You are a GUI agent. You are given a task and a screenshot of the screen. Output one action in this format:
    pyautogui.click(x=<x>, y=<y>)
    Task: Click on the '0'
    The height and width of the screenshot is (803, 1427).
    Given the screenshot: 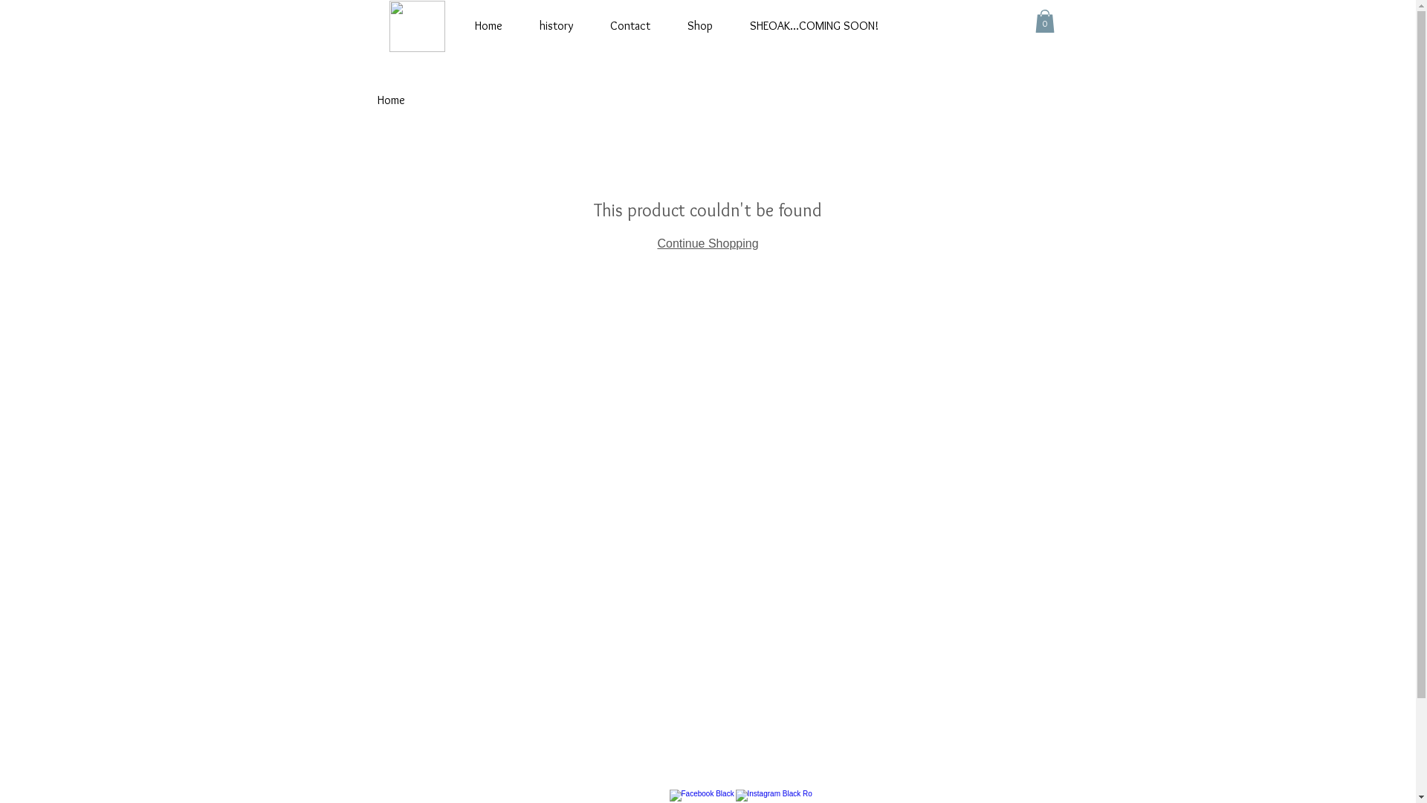 What is the action you would take?
    pyautogui.click(x=1043, y=21)
    